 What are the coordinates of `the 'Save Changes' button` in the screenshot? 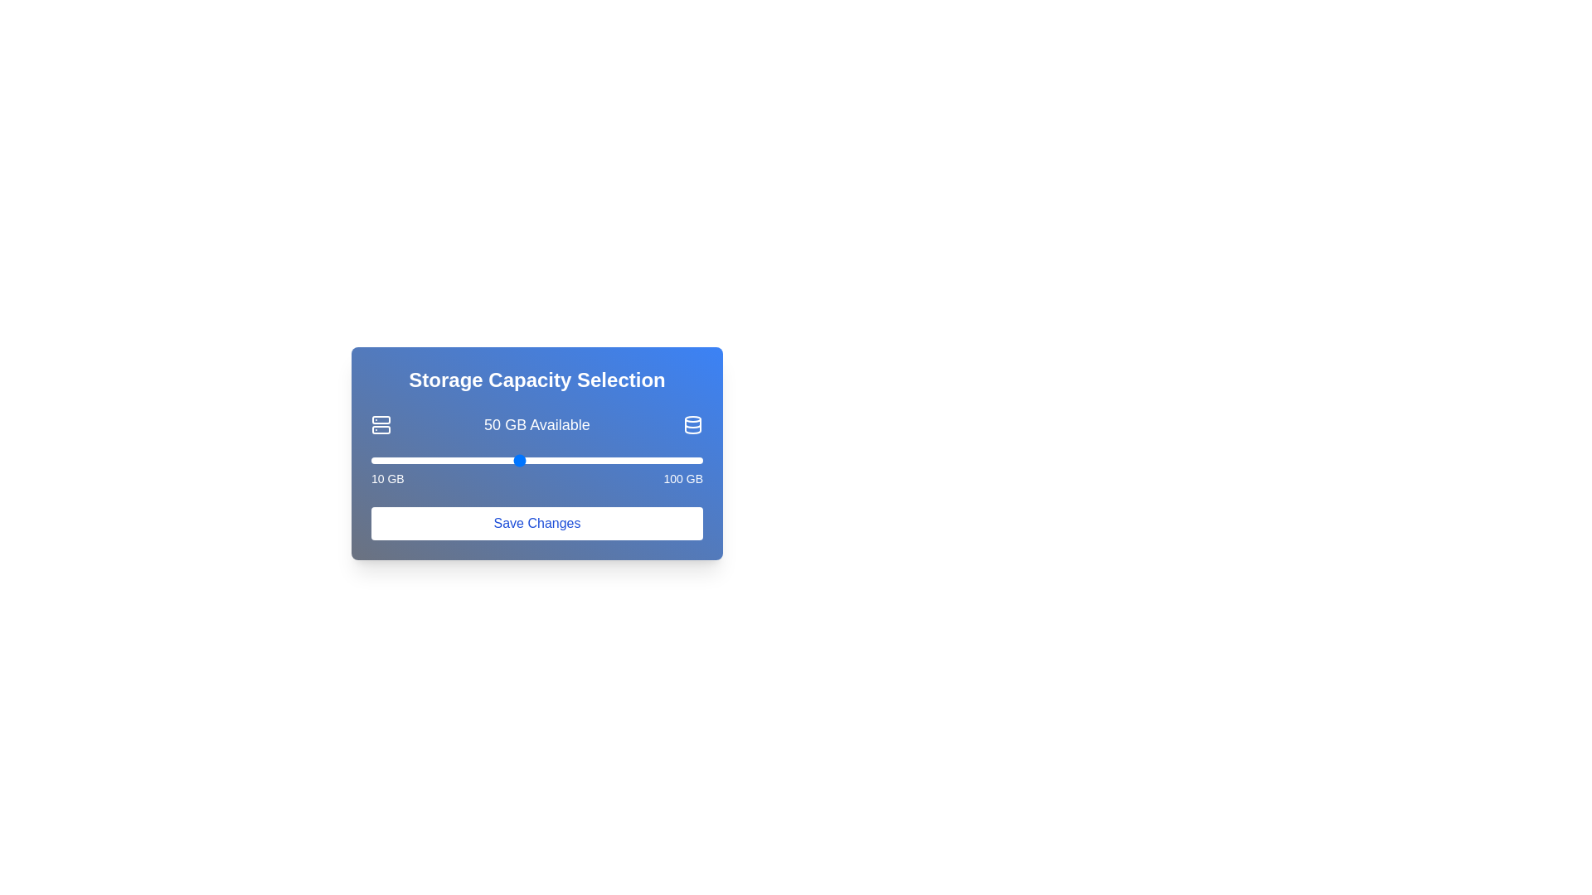 It's located at (537, 524).